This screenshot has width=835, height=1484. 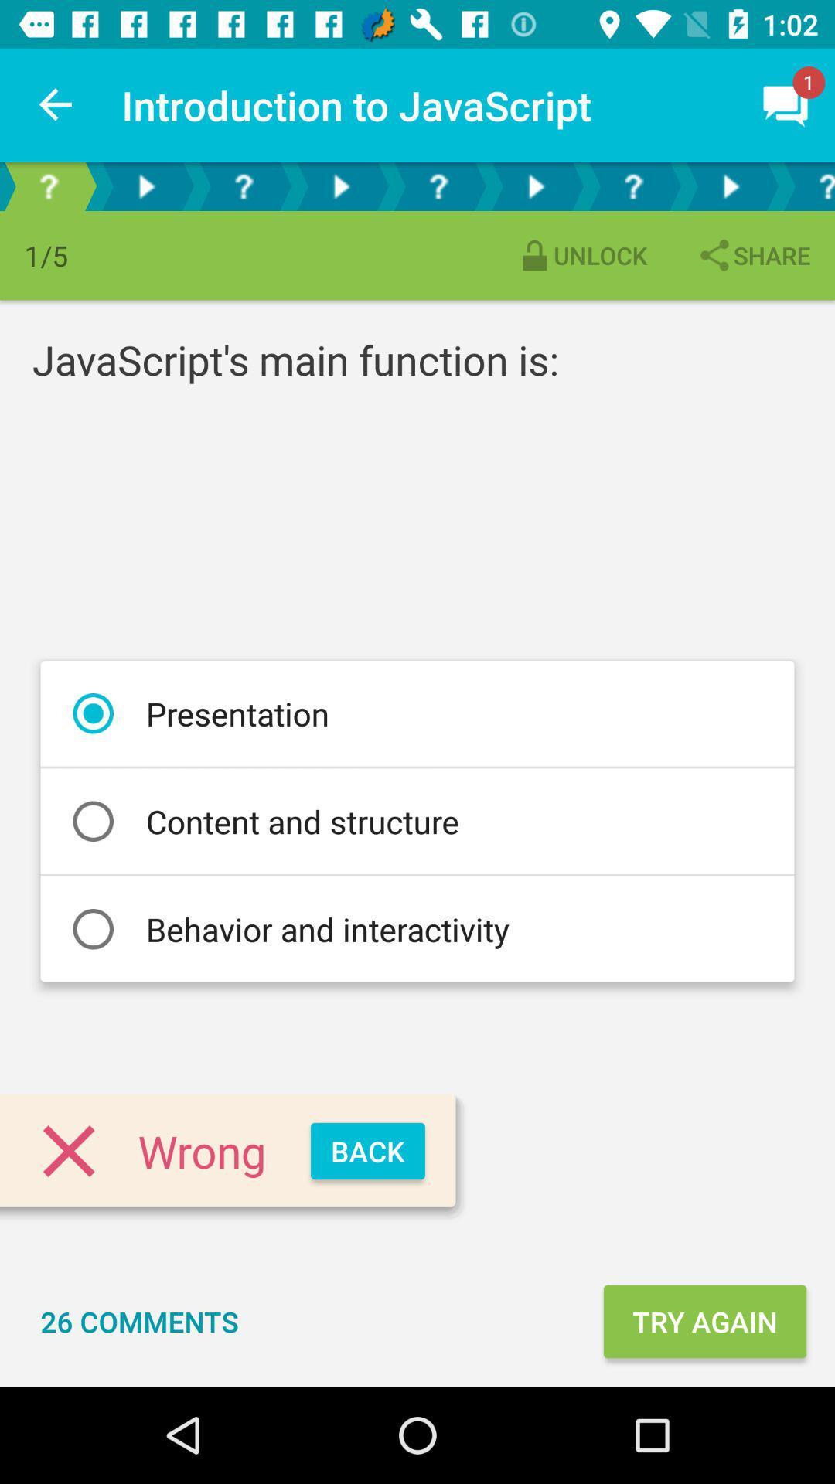 What do you see at coordinates (535, 185) in the screenshot?
I see `next selection` at bounding box center [535, 185].